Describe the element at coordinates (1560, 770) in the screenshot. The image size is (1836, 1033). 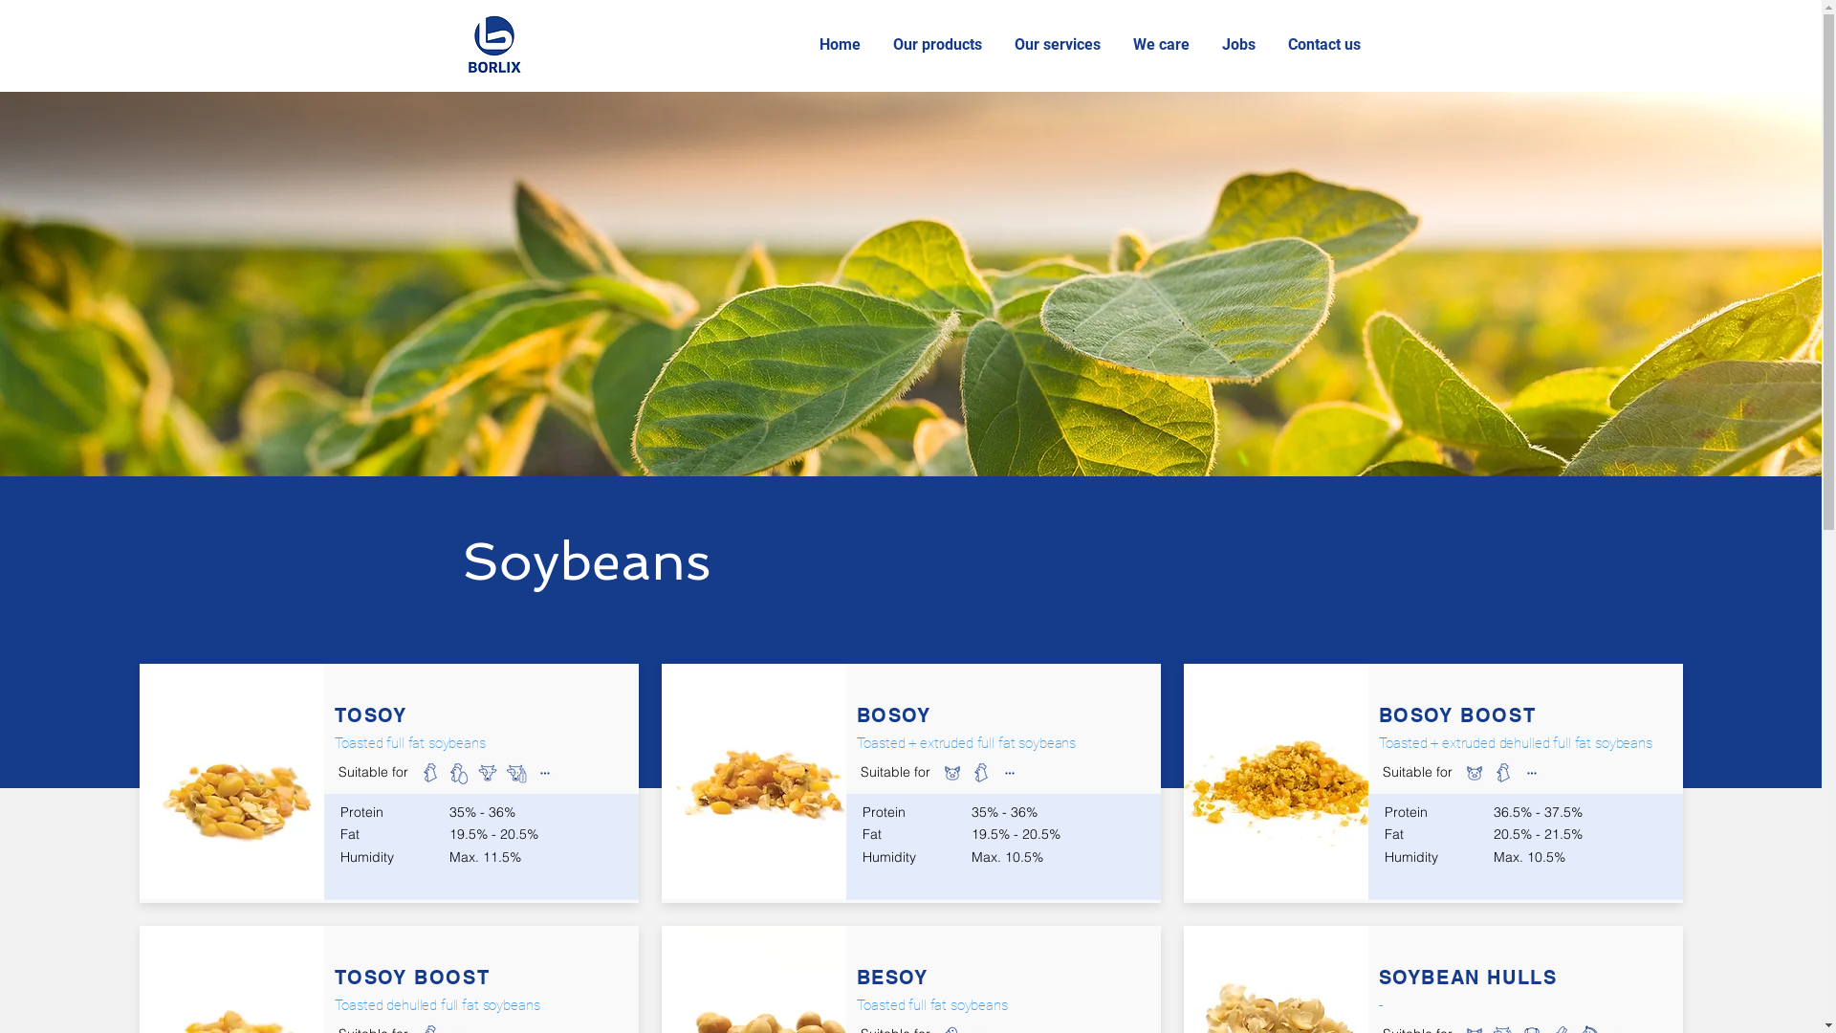
I see `'Dairy cows'` at that location.